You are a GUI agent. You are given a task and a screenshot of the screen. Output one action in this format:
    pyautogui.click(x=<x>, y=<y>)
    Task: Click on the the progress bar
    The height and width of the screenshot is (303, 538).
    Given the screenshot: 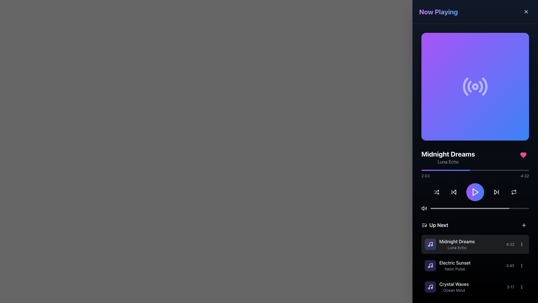 What is the action you would take?
    pyautogui.click(x=458, y=170)
    